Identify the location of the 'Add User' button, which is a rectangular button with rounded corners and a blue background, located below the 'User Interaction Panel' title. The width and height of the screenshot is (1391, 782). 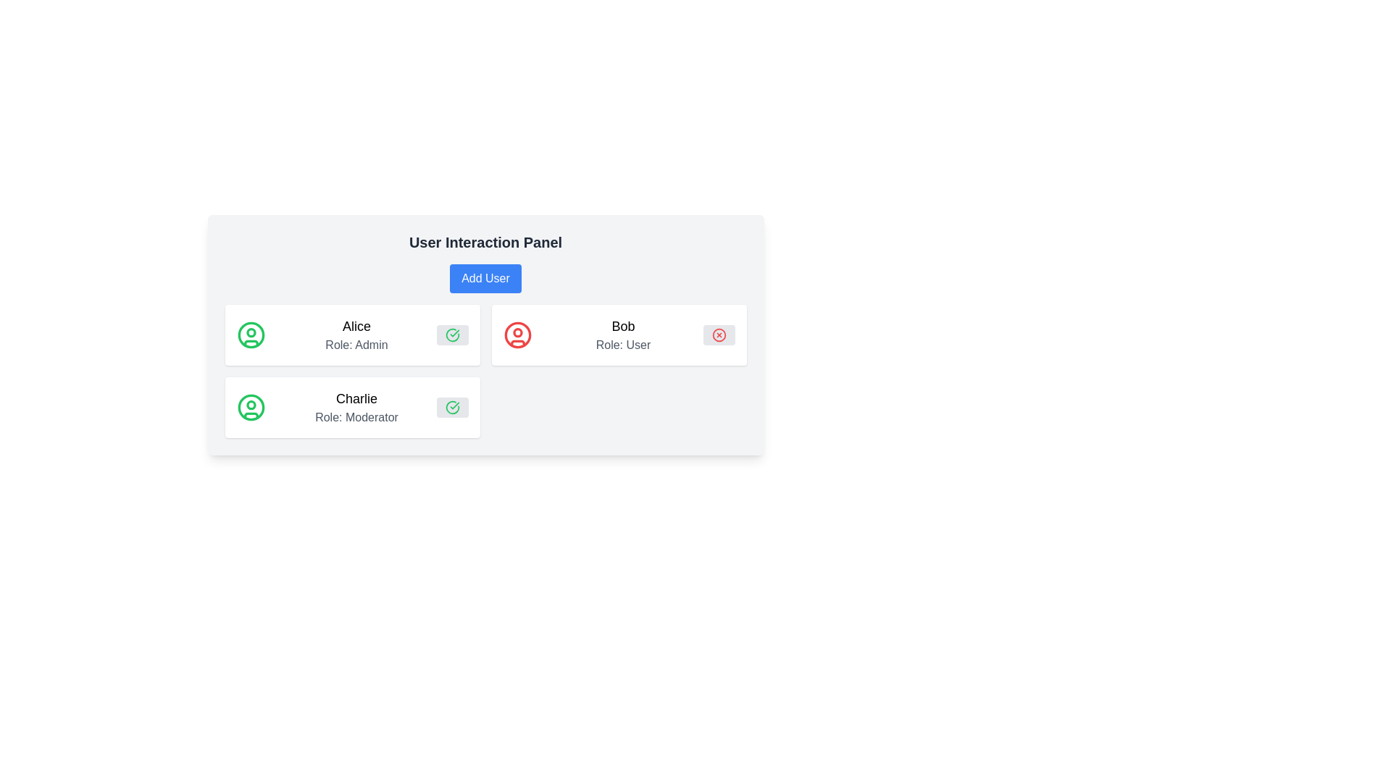
(485, 279).